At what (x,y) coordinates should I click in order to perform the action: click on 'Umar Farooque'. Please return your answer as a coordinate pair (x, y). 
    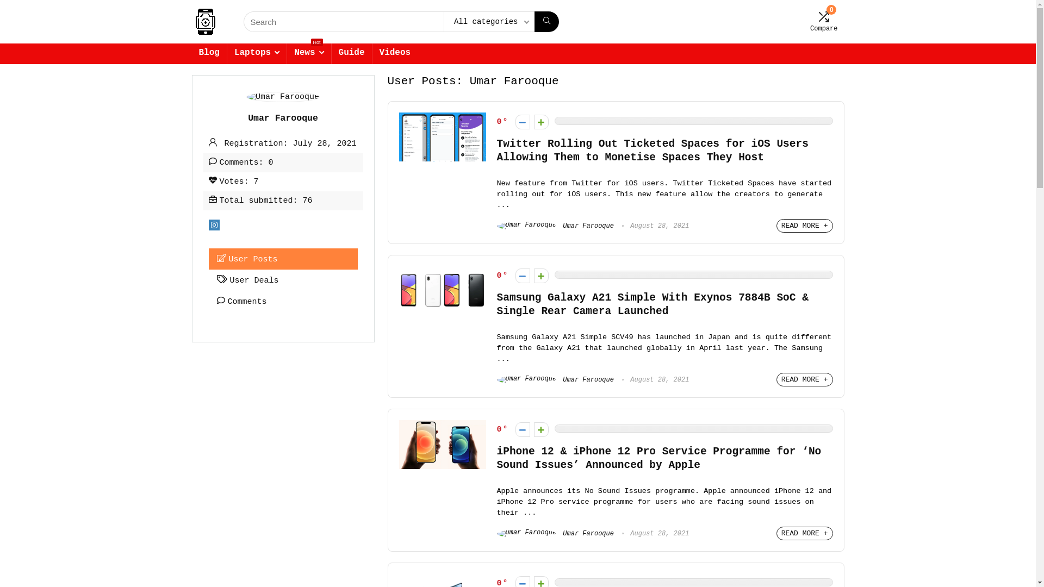
    Looking at the image, I should click on (555, 226).